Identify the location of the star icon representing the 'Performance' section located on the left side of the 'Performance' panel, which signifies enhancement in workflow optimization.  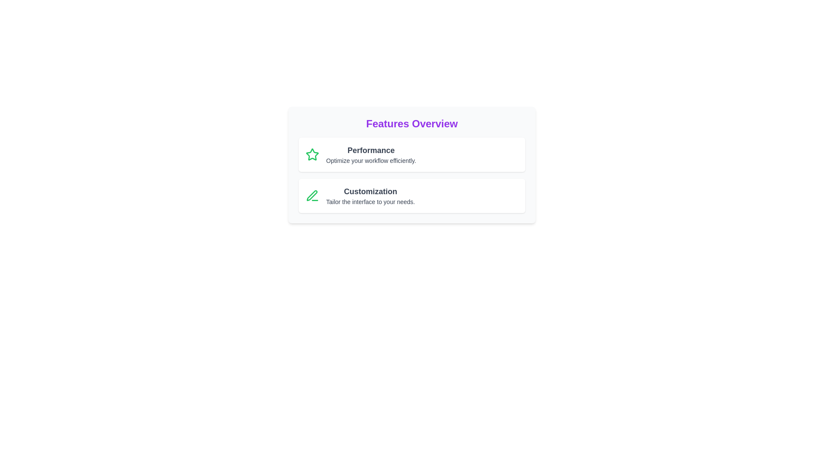
(312, 155).